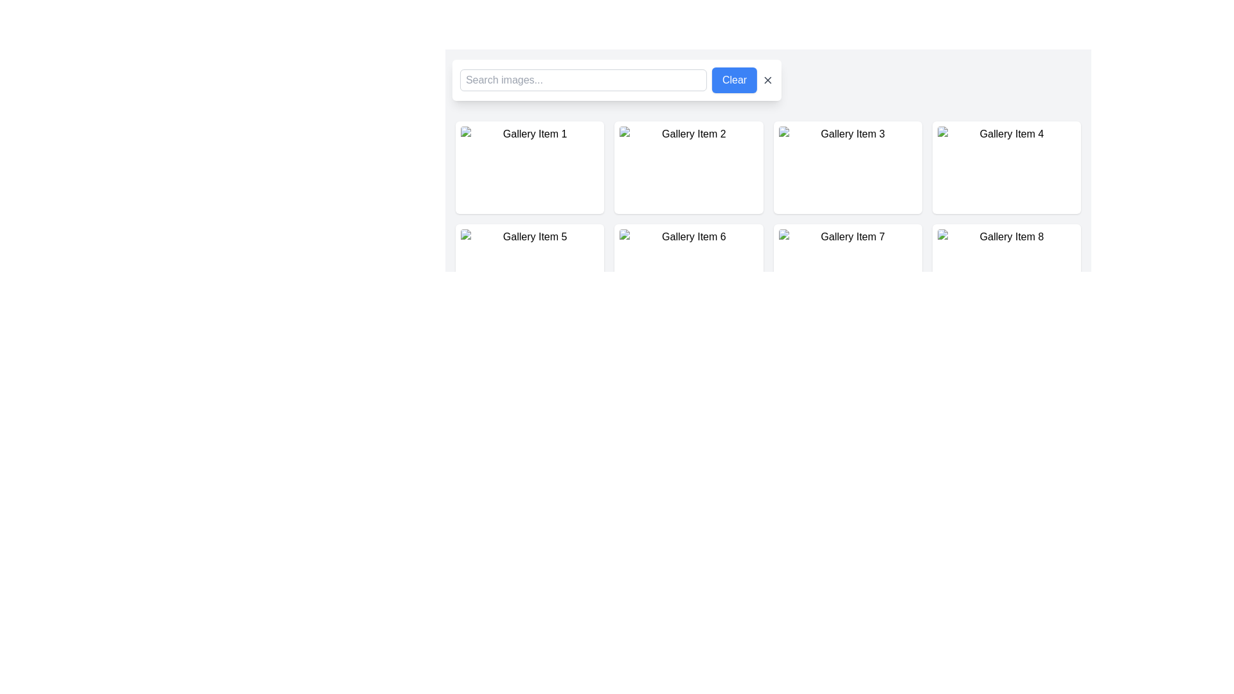 This screenshot has height=694, width=1234. I want to click on the image placeholder displaying 'Image 5', so click(530, 269).